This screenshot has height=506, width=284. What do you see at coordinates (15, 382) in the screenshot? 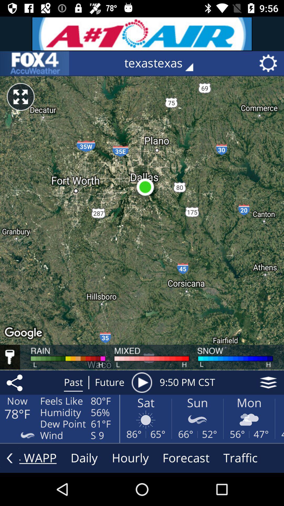
I see `the share icon` at bounding box center [15, 382].